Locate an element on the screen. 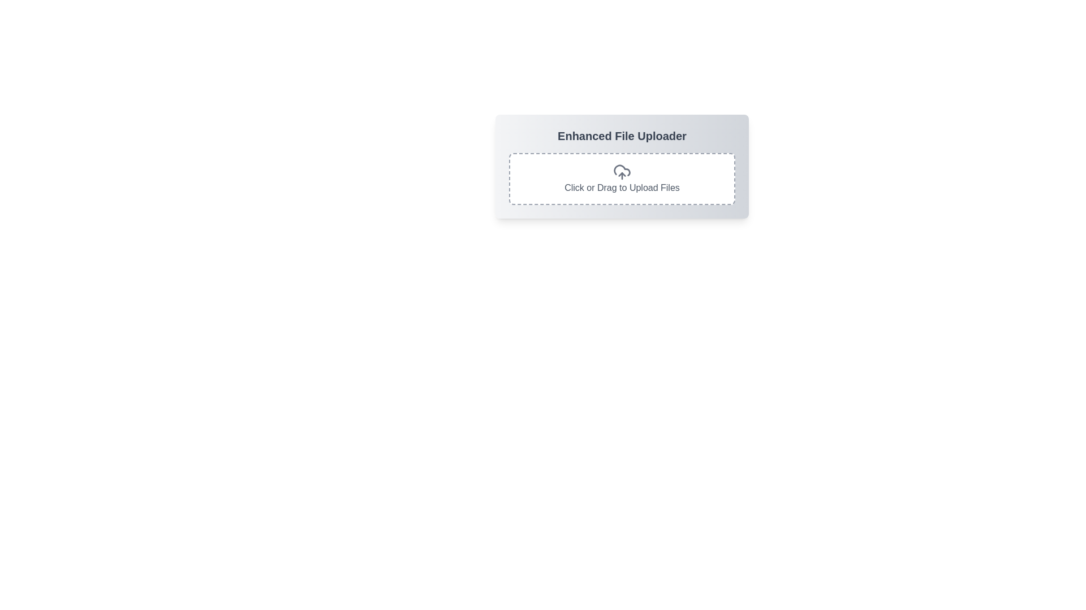 This screenshot has height=610, width=1086. the bold, large-sized text element displaying 'Enhanced File Uploader', which is positioned at the top of a rounded, shadowed rectangle with a gradient background is located at coordinates (621, 135).